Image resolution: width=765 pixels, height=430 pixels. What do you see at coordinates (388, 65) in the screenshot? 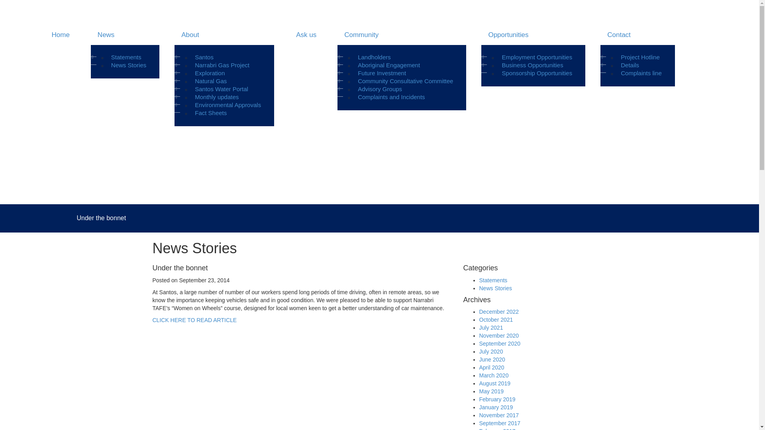
I see `'Aboriginal Engagement'` at bounding box center [388, 65].